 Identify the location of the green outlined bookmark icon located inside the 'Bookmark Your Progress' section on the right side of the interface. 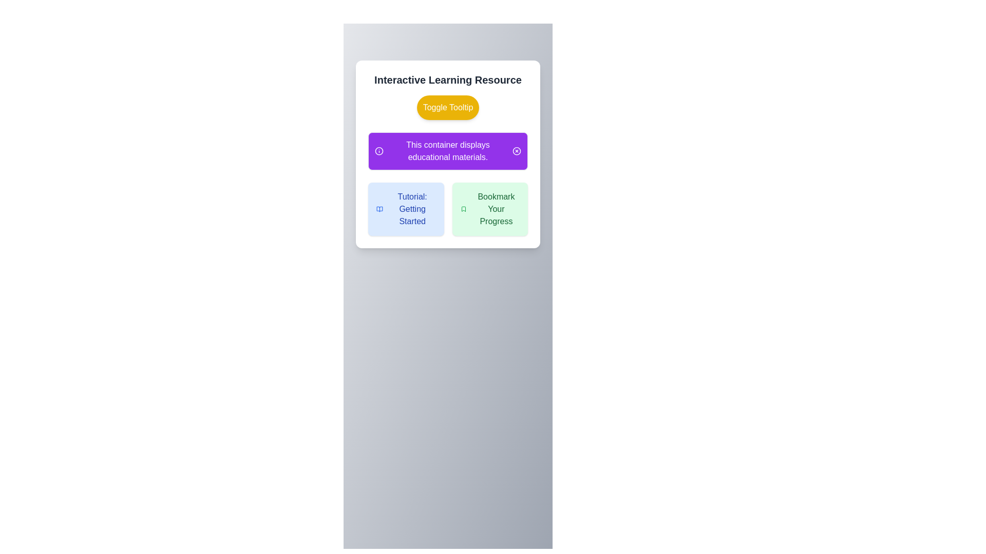
(463, 209).